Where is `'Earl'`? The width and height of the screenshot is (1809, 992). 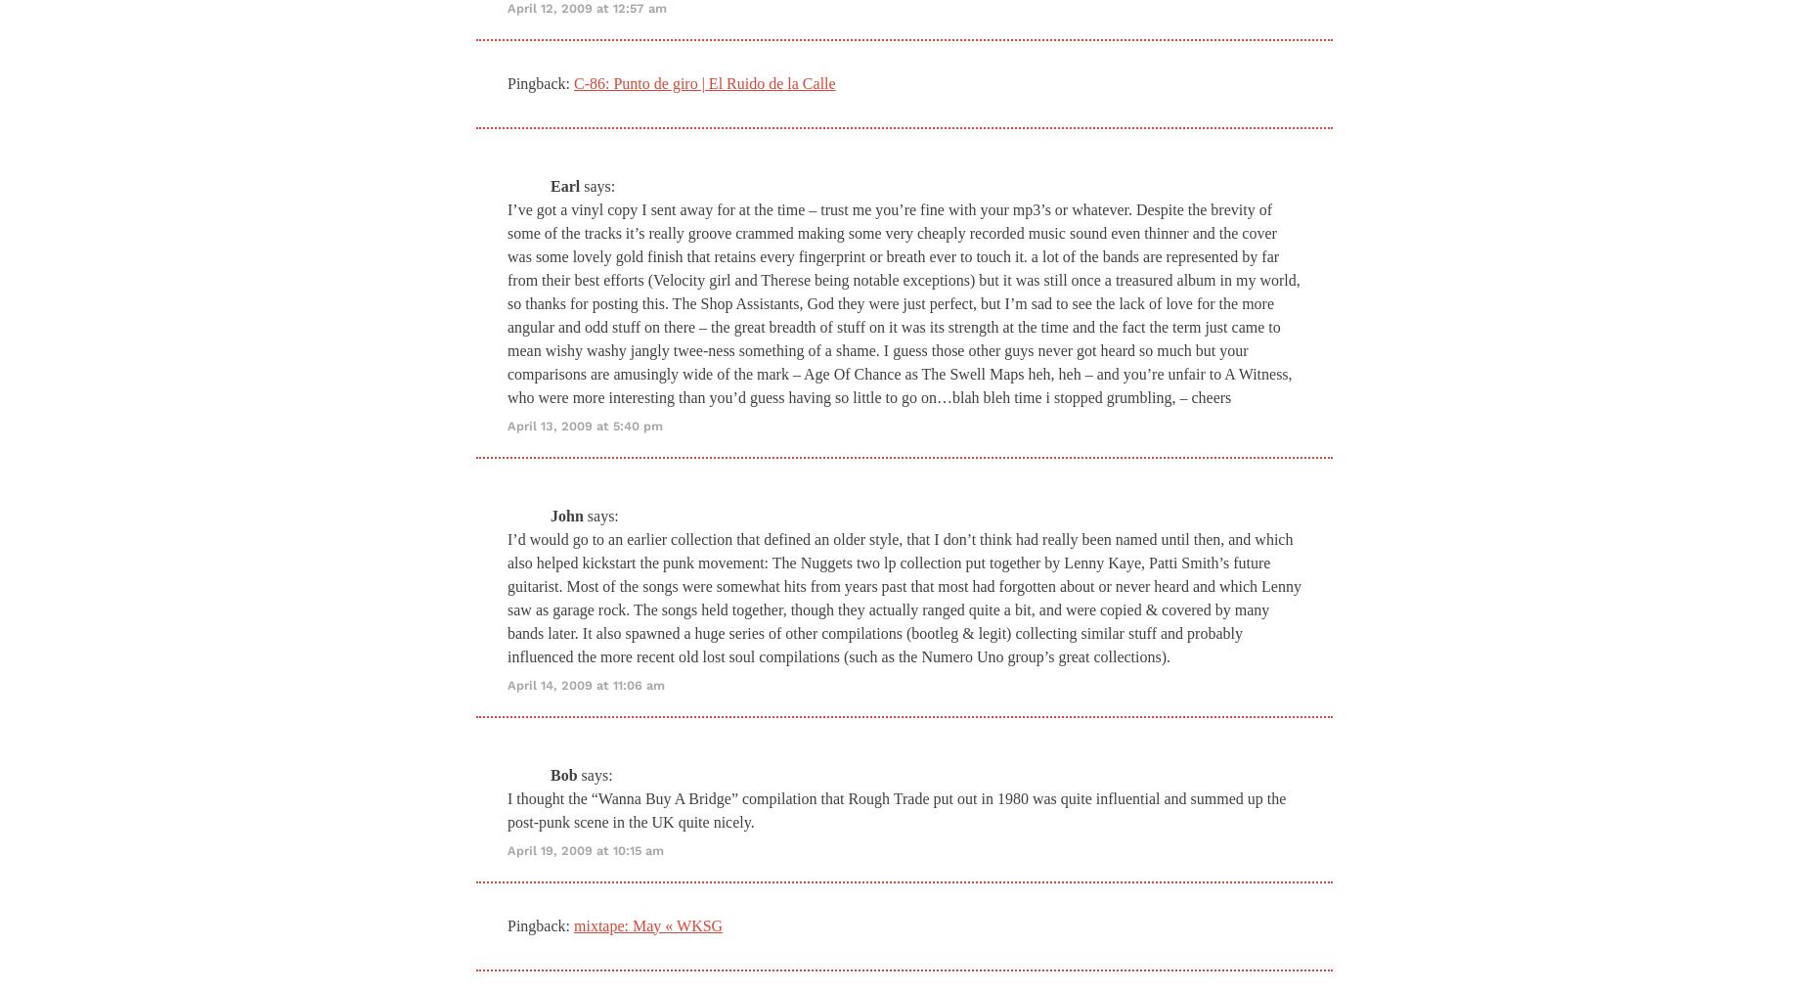
'Earl' is located at coordinates (564, 184).